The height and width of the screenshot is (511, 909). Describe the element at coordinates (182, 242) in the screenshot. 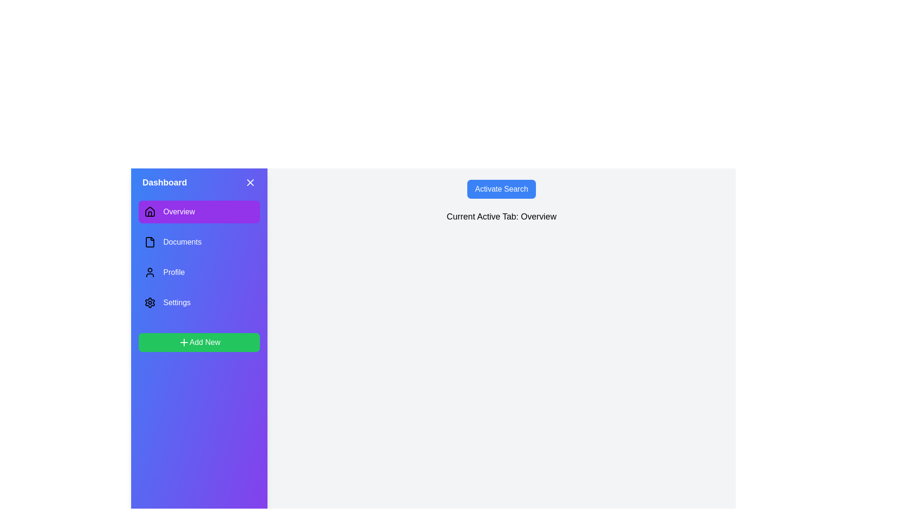

I see `the 'Documents' label in the navigation menu, which is located between the 'Overview' and 'Profile' menu items` at that location.